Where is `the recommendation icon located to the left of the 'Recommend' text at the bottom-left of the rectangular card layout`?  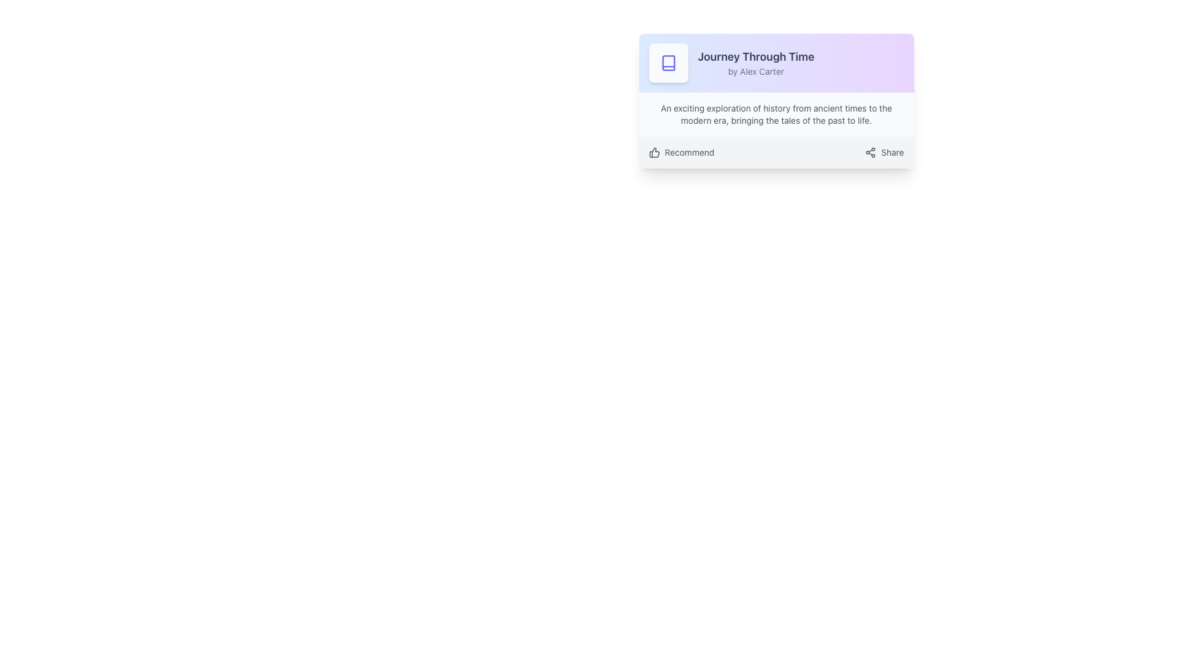 the recommendation icon located to the left of the 'Recommend' text at the bottom-left of the rectangular card layout is located at coordinates (653, 152).